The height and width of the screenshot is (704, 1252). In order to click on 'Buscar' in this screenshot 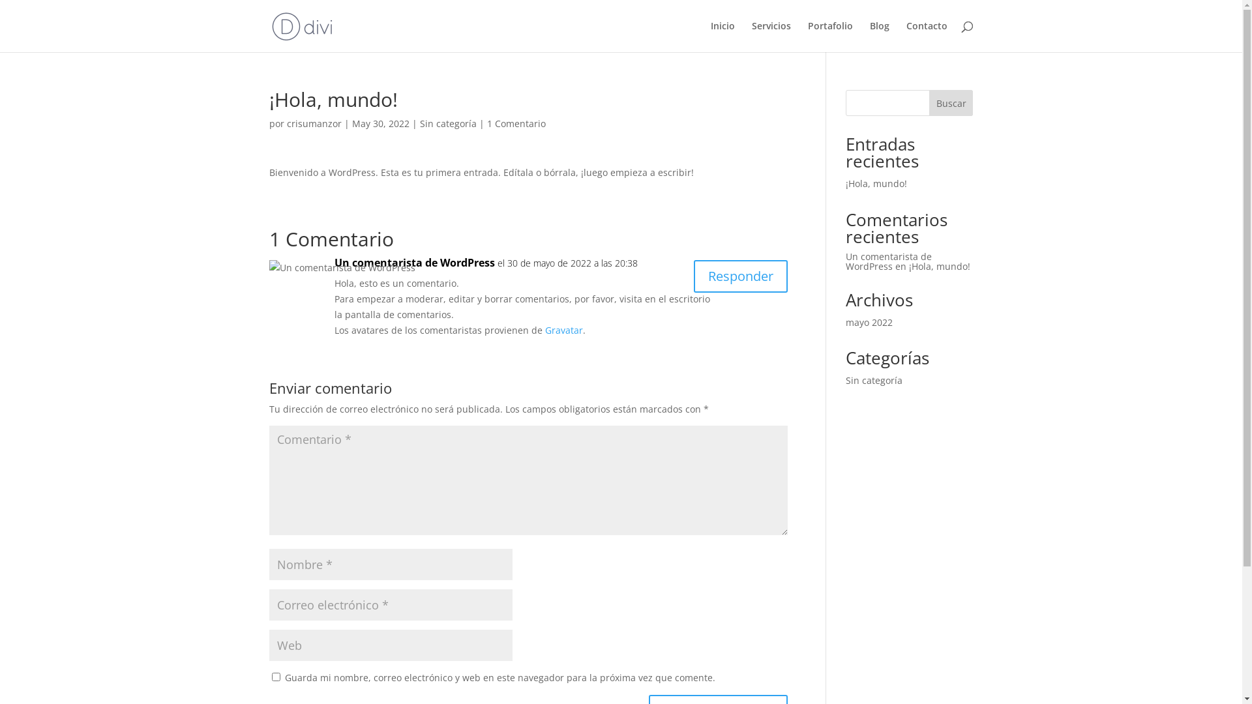, I will do `click(951, 102)`.